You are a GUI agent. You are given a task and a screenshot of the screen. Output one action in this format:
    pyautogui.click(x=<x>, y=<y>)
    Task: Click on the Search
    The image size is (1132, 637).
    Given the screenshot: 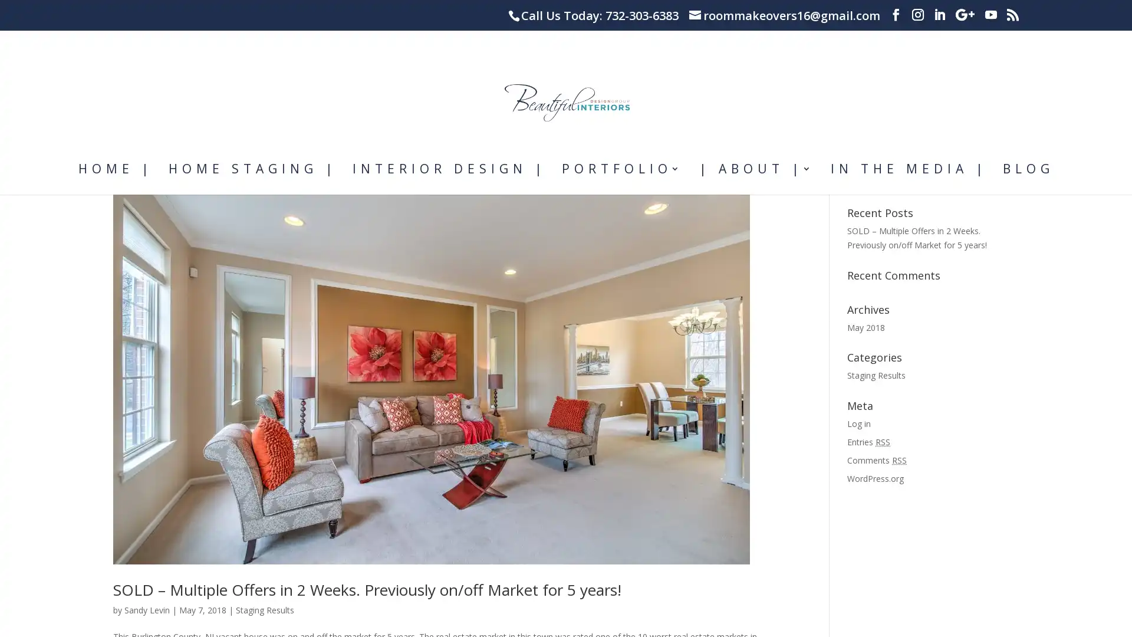 What is the action you would take?
    pyautogui.click(x=997, y=229)
    